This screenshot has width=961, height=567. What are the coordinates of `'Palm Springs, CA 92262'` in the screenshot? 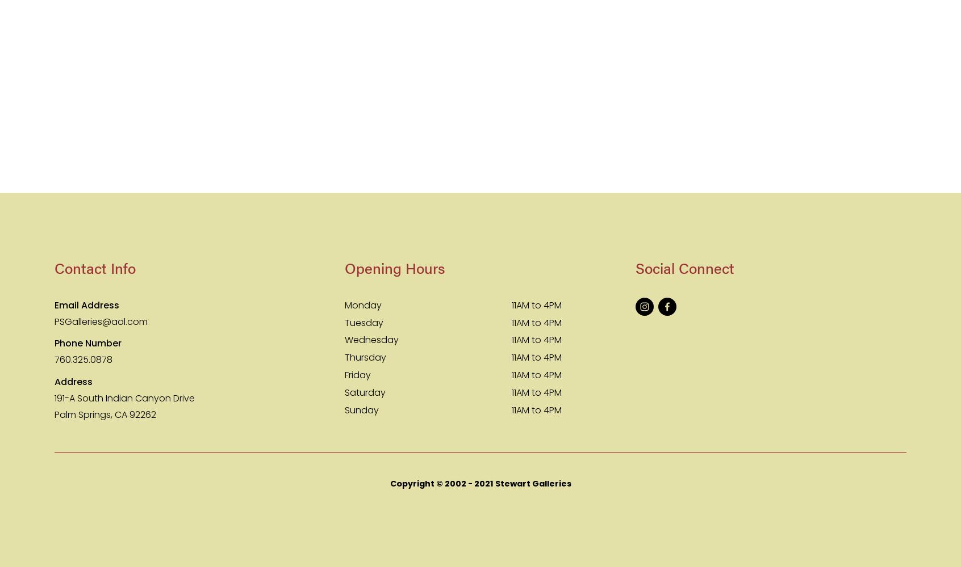 It's located at (105, 413).